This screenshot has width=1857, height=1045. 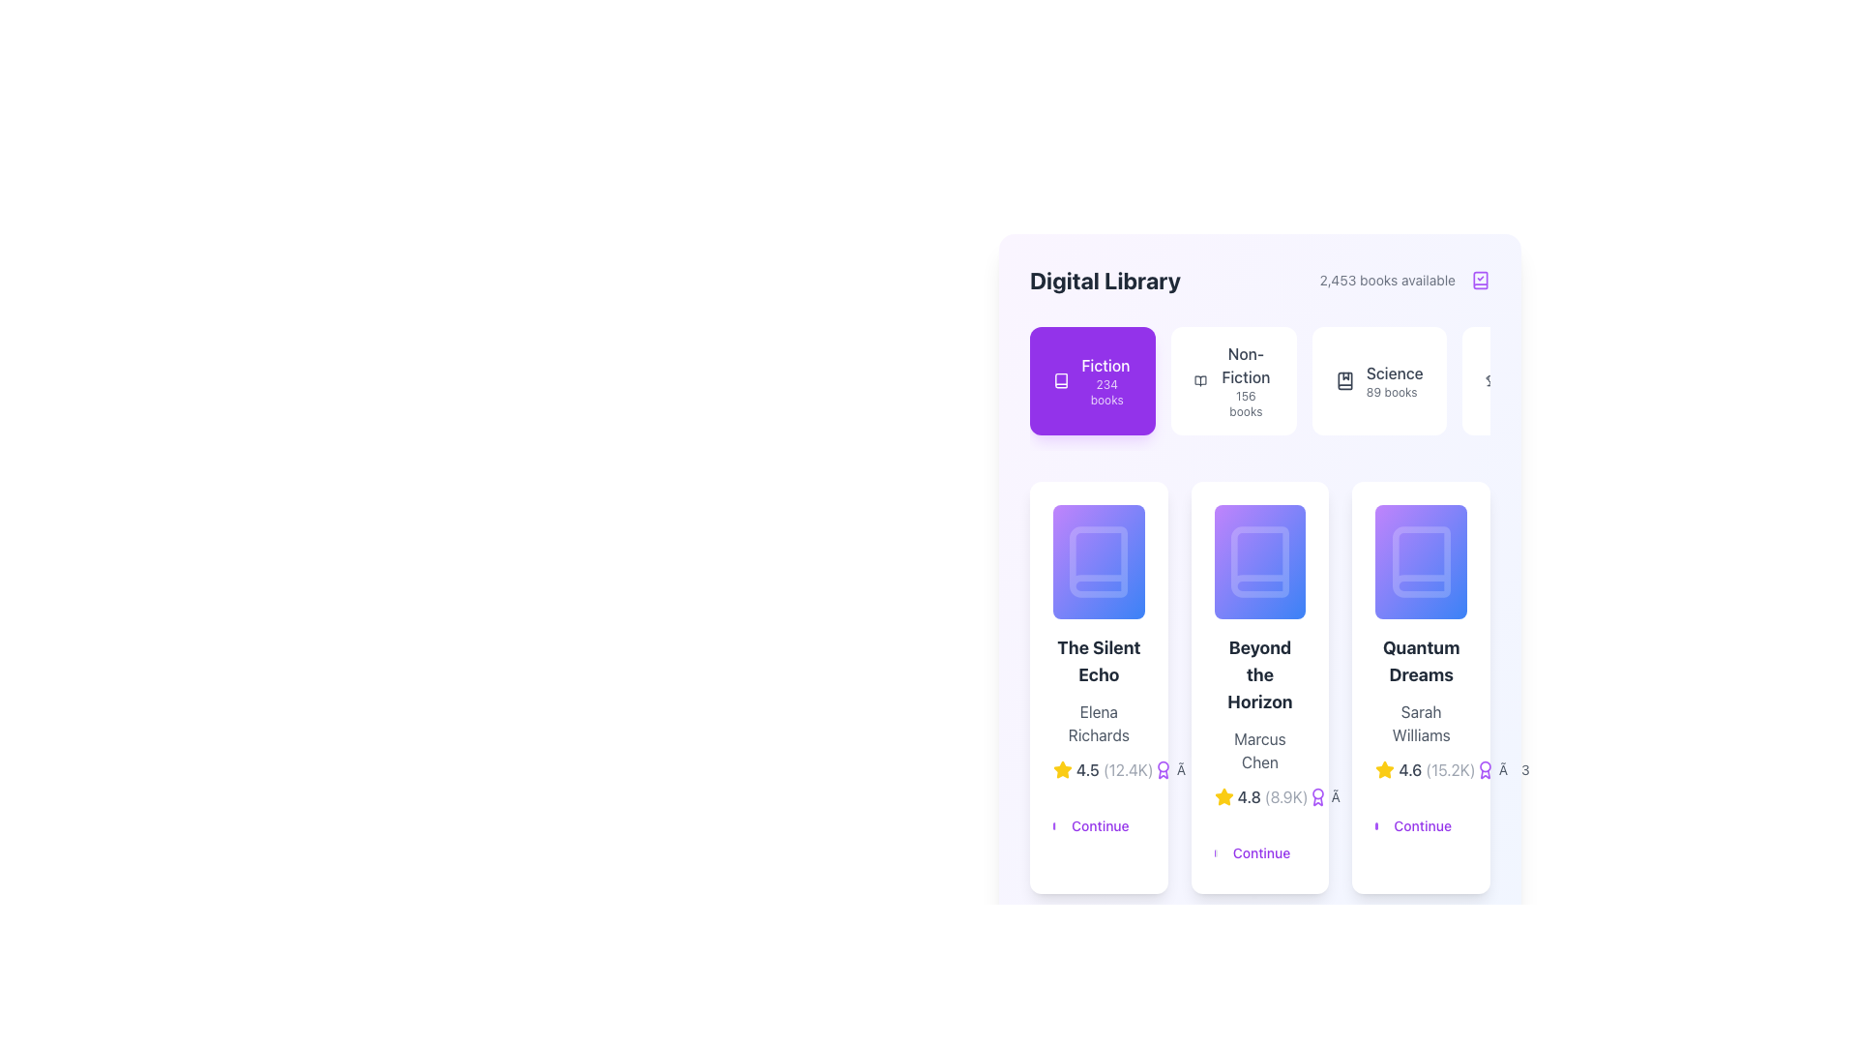 I want to click on the small gray Text label containing the text 'Ã÷1', which is the last item in the group of book details, so click(x=1333, y=797).